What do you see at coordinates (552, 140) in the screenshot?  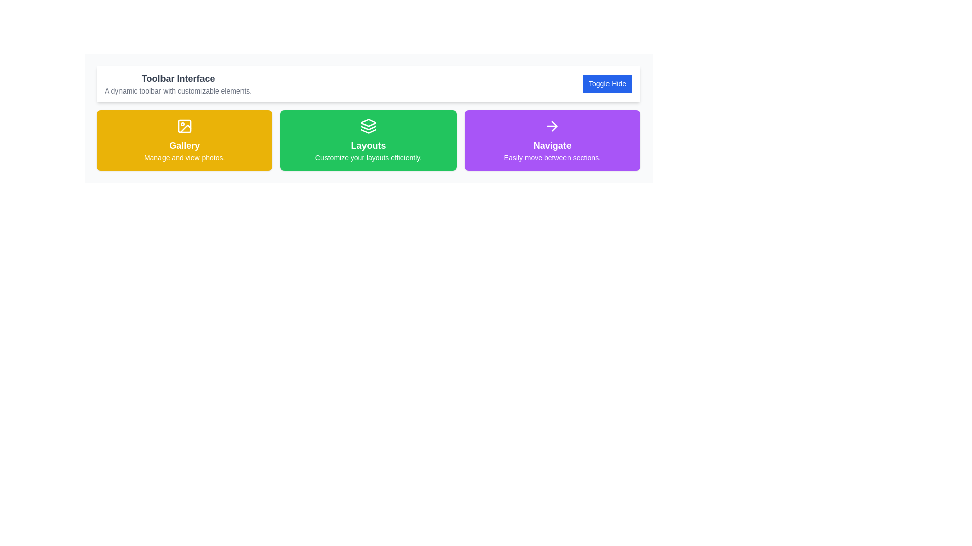 I see `the third button in a row of three buttons` at bounding box center [552, 140].